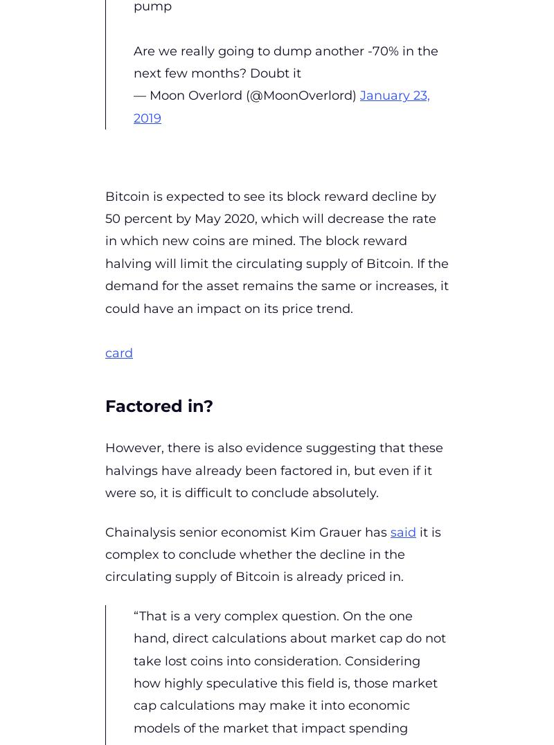 The width and height of the screenshot is (554, 745). I want to click on 'January 23, 2019', so click(282, 106).